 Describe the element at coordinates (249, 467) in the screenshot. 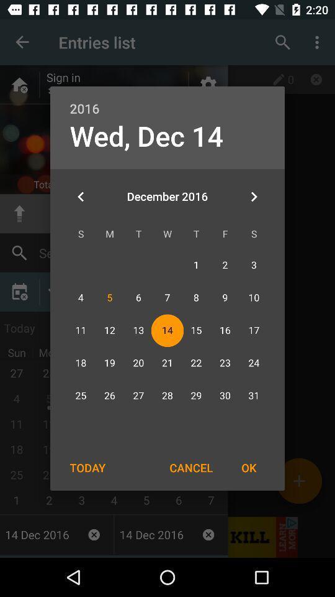

I see `the item next to cancel icon` at that location.